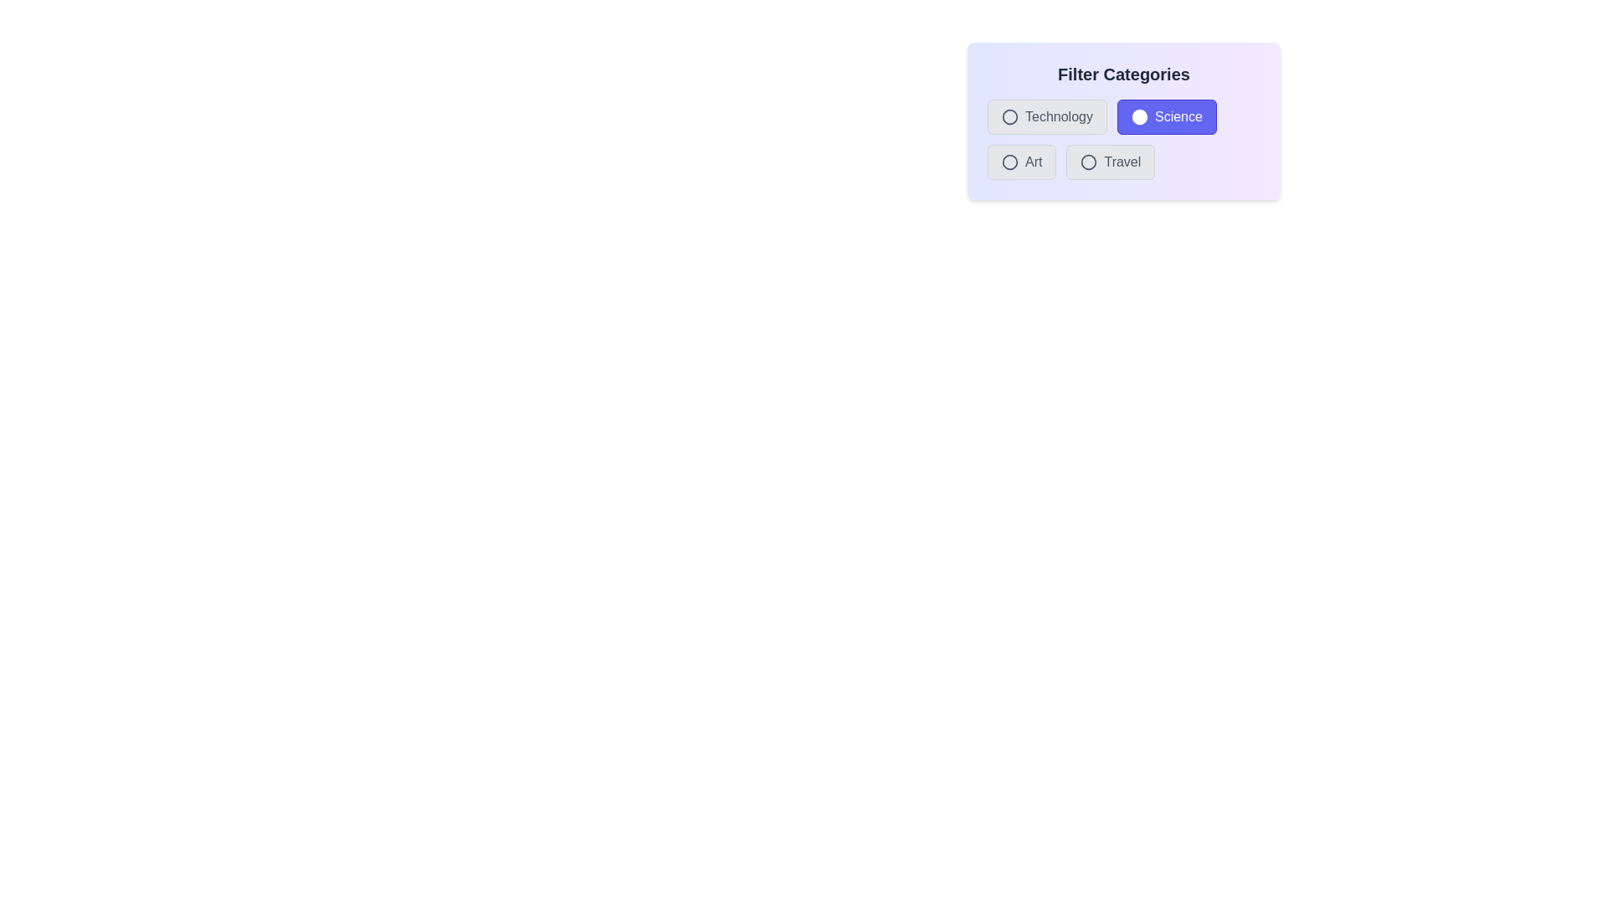 The height and width of the screenshot is (904, 1607). What do you see at coordinates (1165, 116) in the screenshot?
I see `the category Science by clicking its corresponding button` at bounding box center [1165, 116].